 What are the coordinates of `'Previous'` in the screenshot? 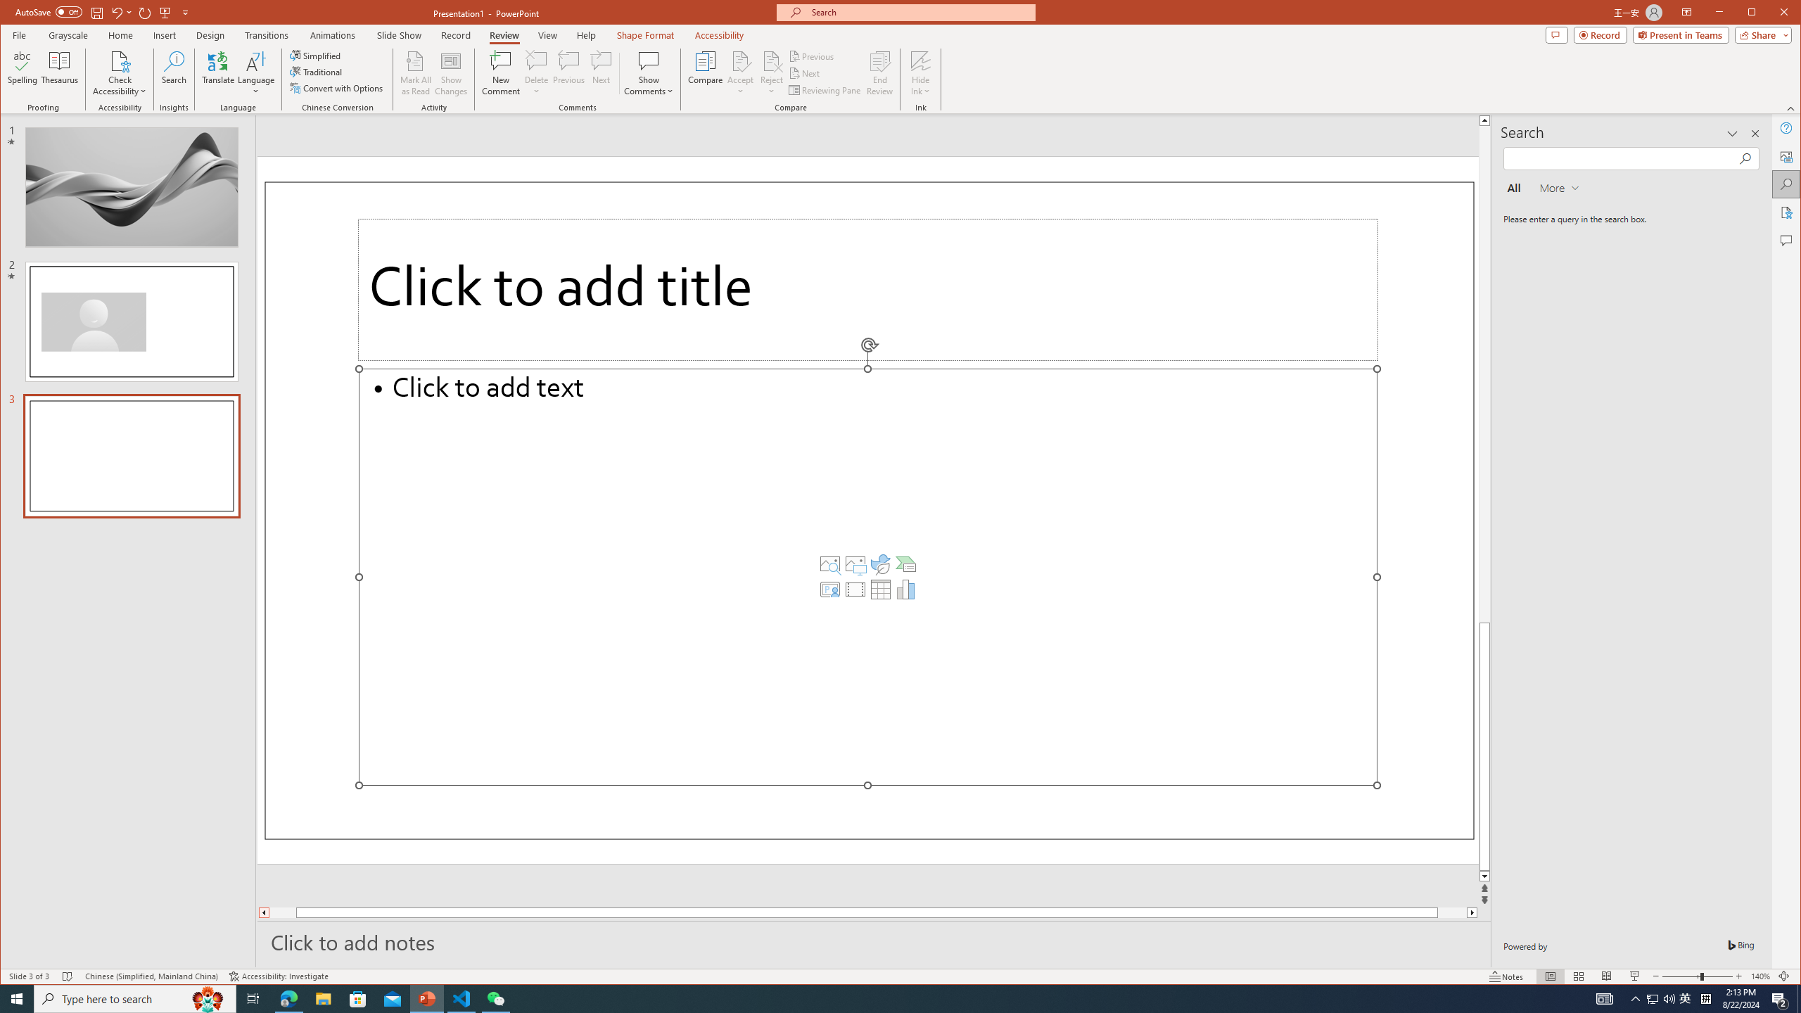 It's located at (812, 56).